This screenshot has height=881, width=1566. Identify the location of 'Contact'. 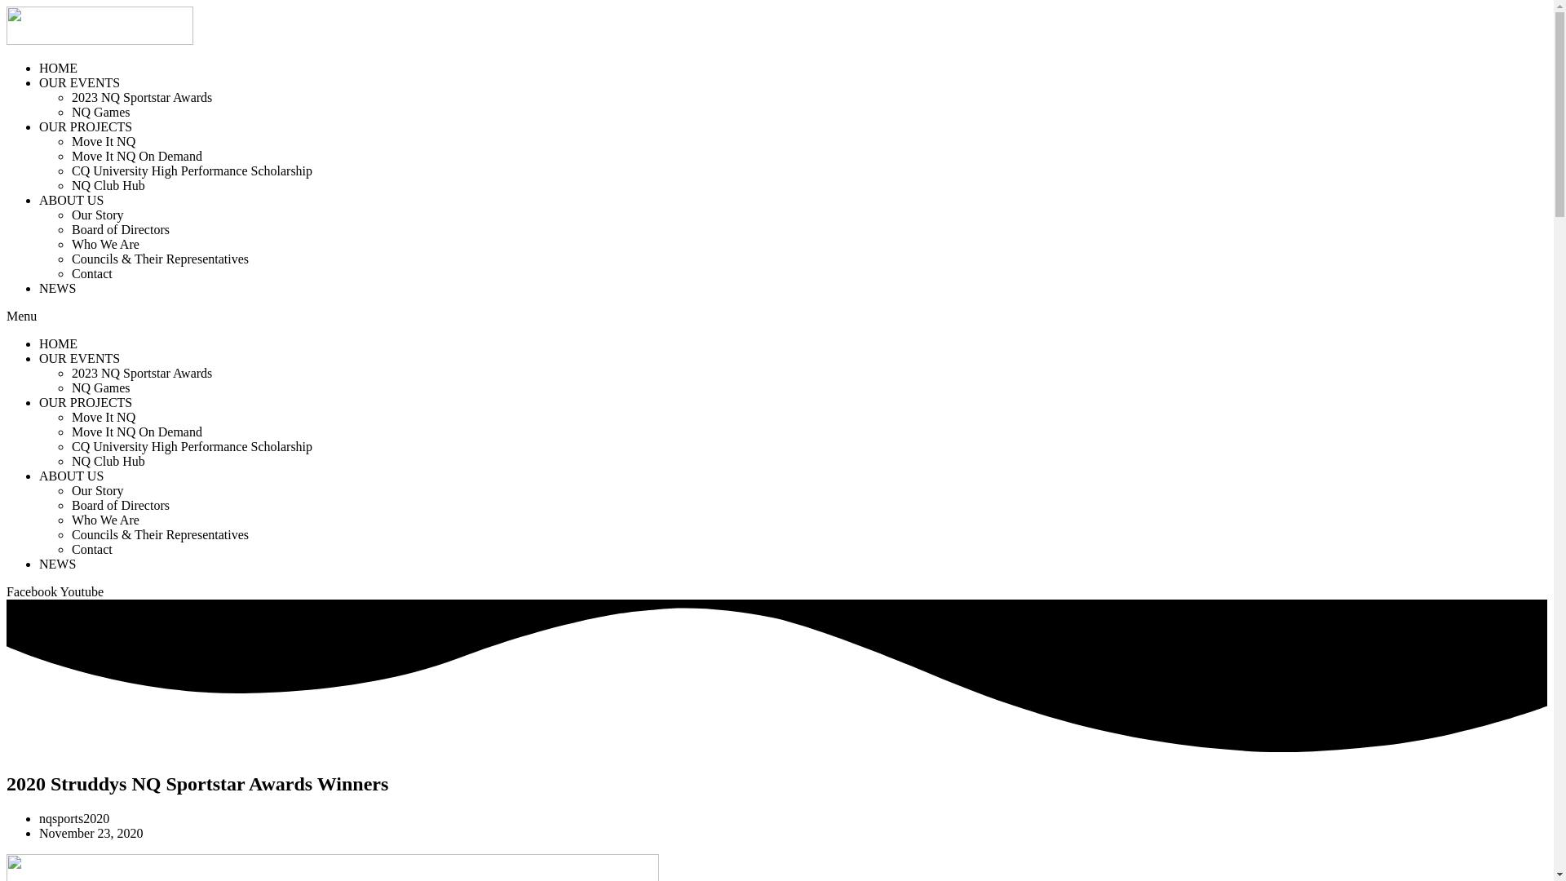
(91, 272).